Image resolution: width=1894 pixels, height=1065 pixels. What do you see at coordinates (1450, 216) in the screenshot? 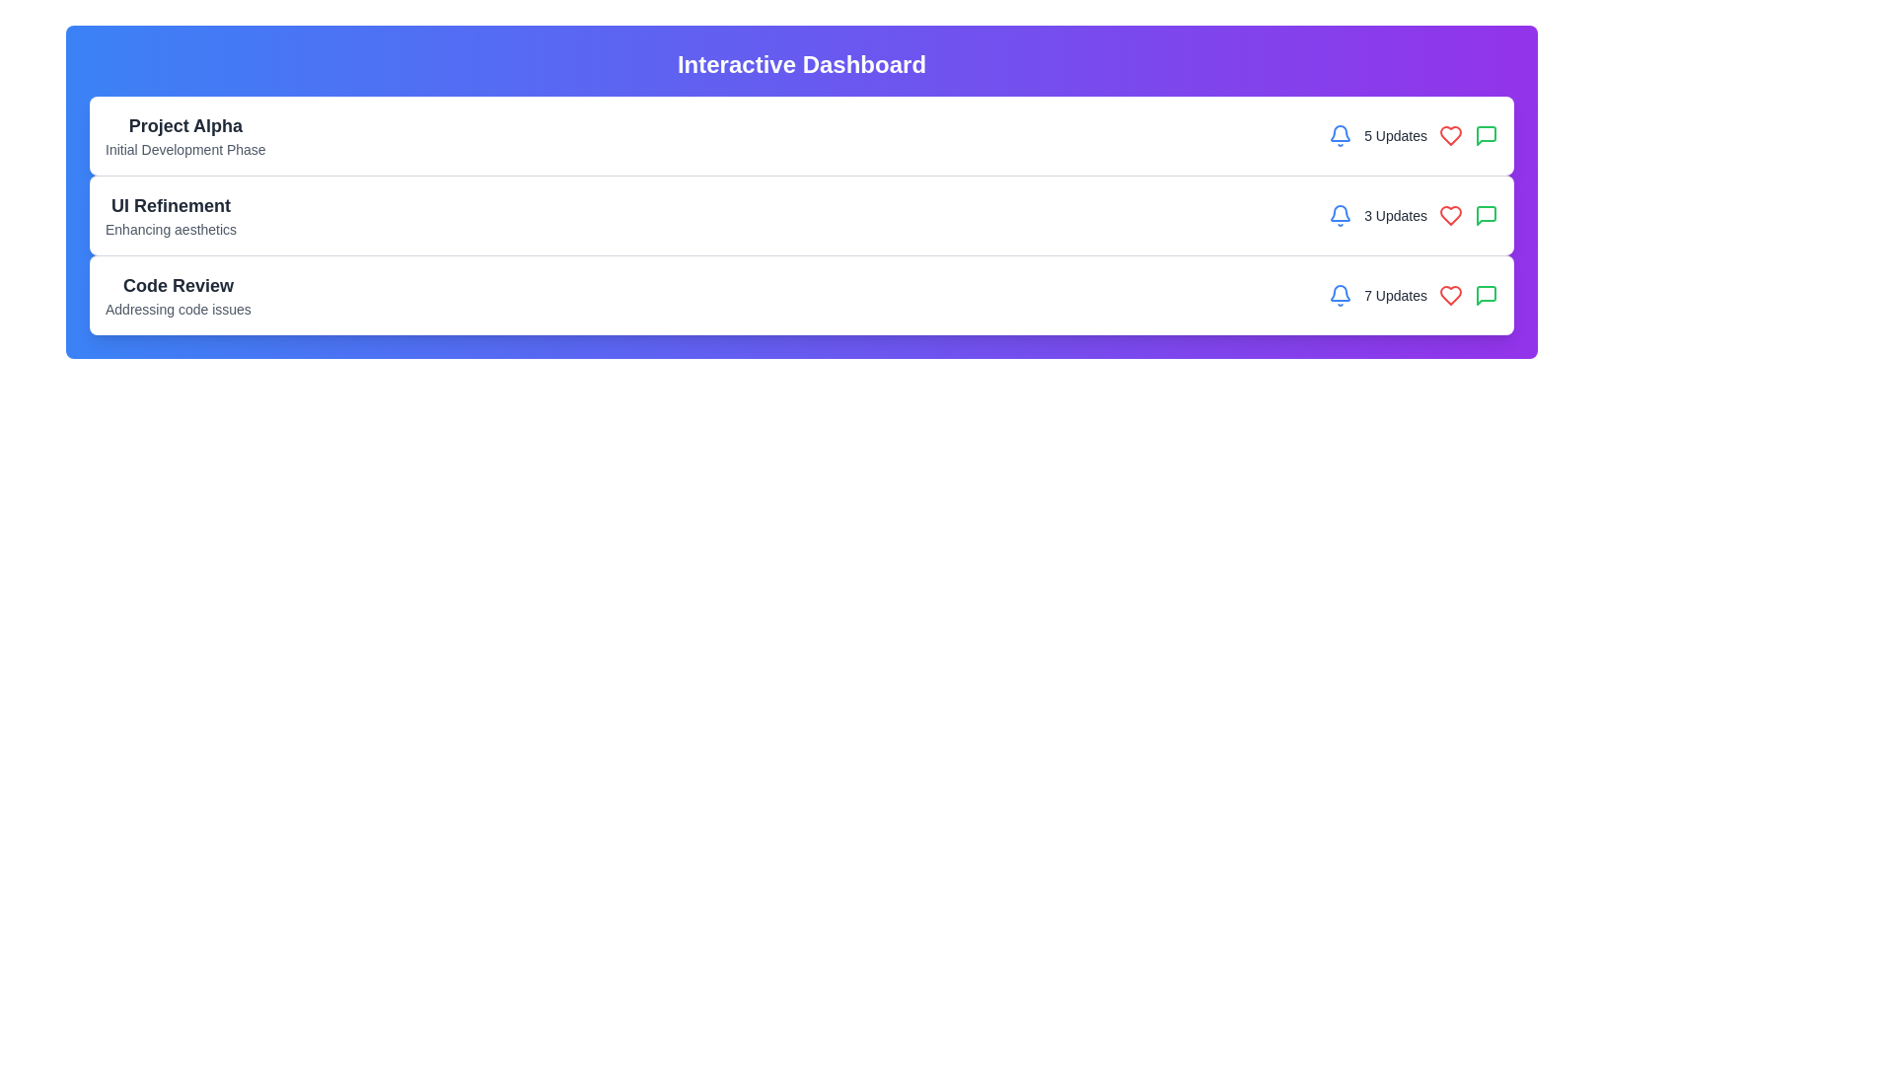
I see `the 'like' icon button, which is the third icon on the right side in the second card labeled 'UI Refinement', positioned between a bell icon and a speech bubble icon` at bounding box center [1450, 216].